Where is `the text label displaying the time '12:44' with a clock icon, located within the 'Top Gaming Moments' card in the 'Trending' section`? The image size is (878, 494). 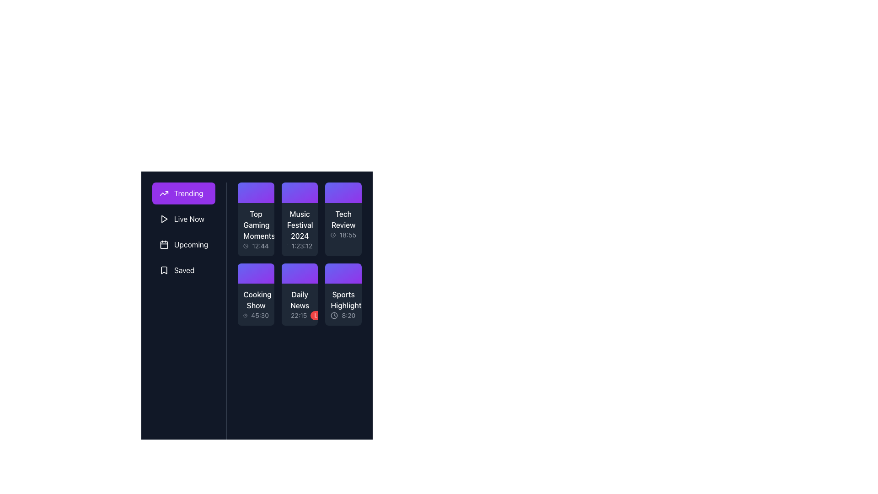 the text label displaying the time '12:44' with a clock icon, located within the 'Top Gaming Moments' card in the 'Trending' section is located at coordinates (256, 245).